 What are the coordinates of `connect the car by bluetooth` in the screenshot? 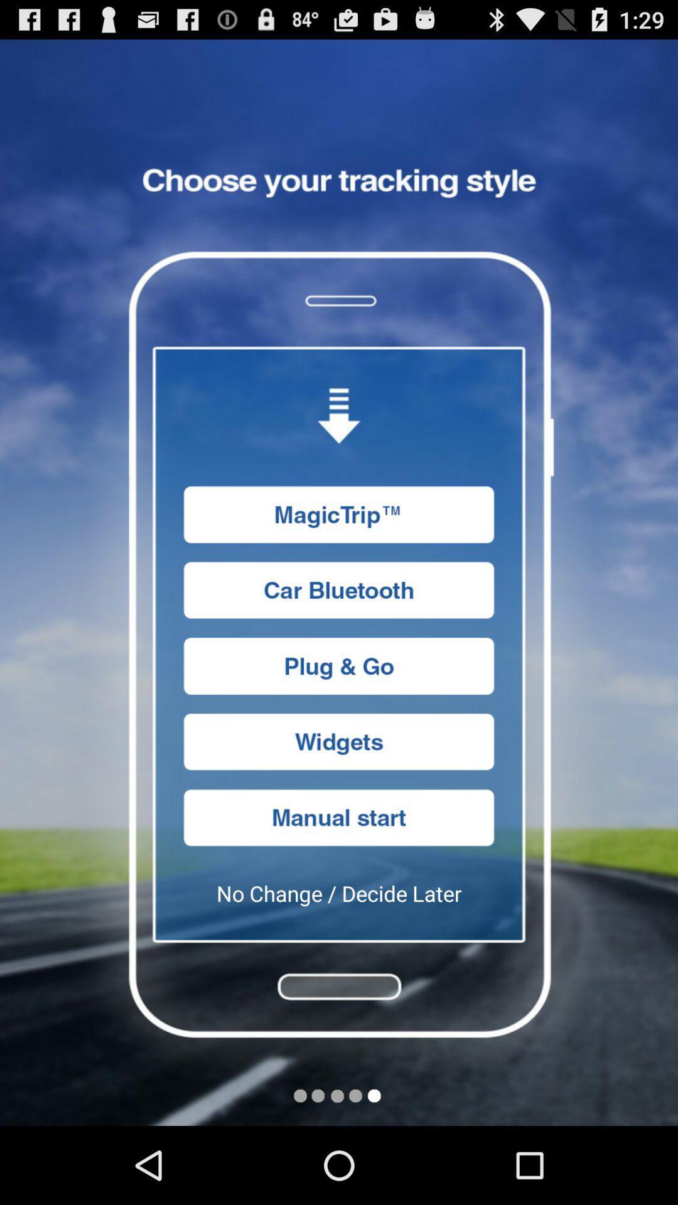 It's located at (339, 589).